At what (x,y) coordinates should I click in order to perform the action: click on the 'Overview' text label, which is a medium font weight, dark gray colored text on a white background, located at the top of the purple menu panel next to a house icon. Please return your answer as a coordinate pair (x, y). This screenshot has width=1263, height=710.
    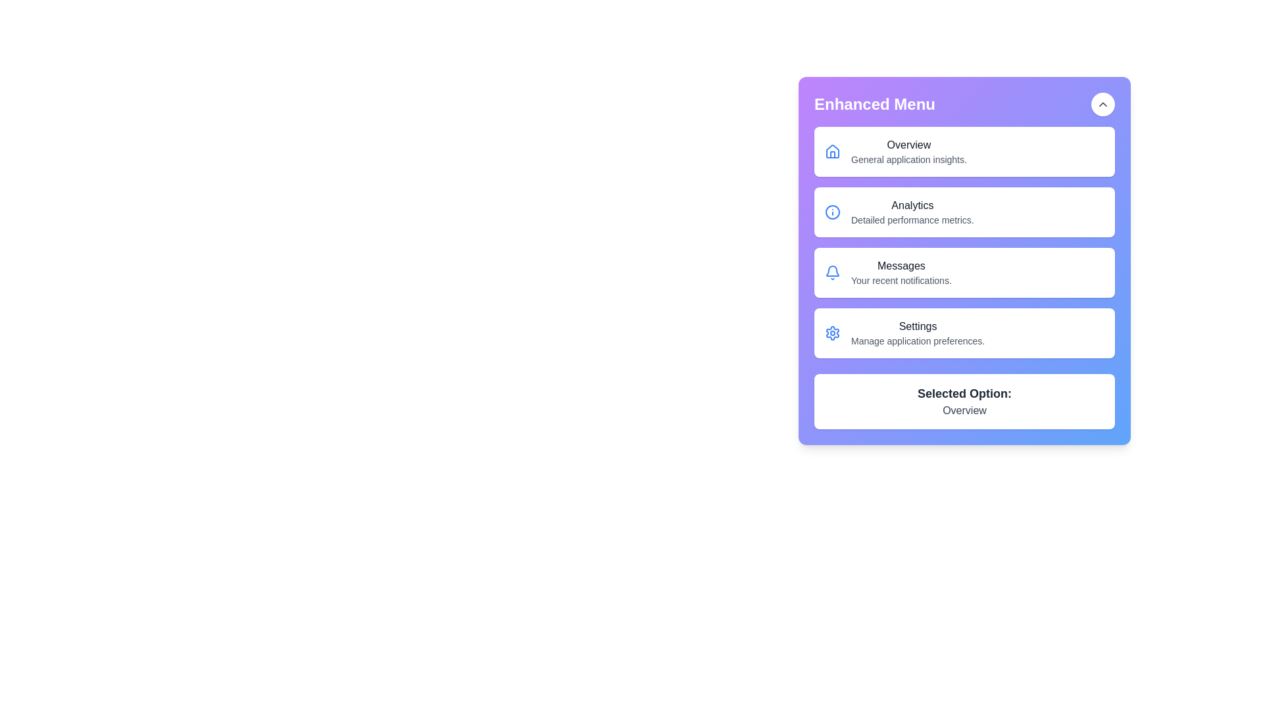
    Looking at the image, I should click on (908, 145).